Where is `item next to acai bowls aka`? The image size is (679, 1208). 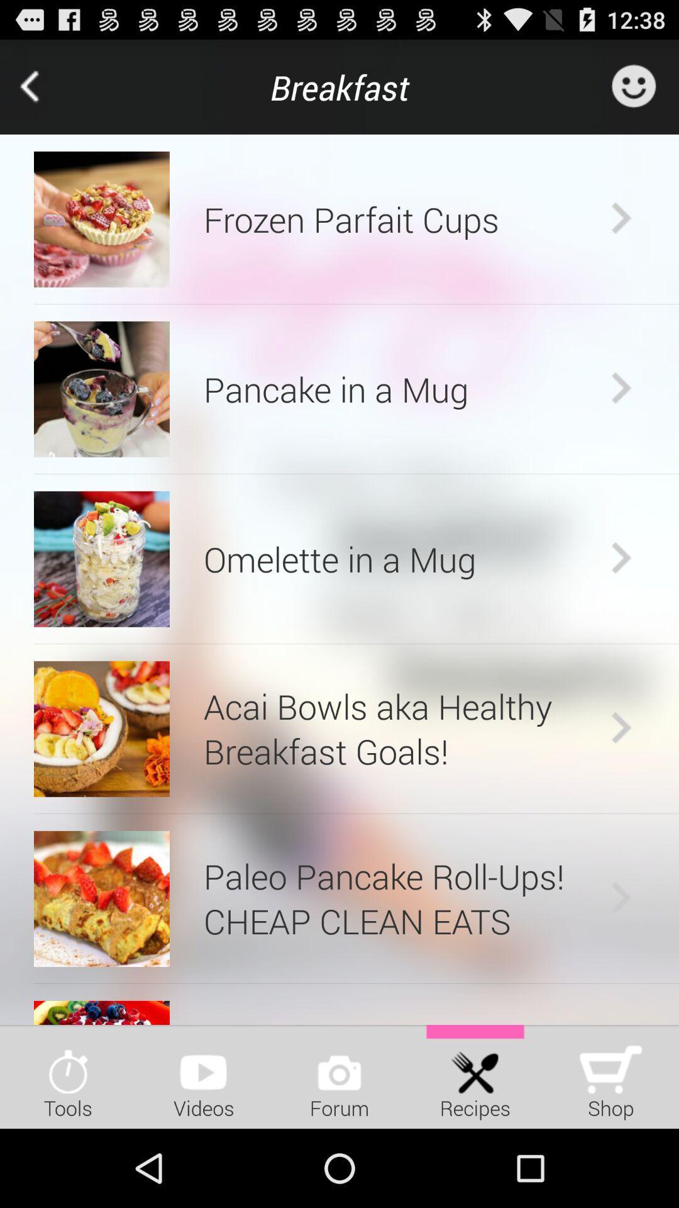
item next to acai bowls aka is located at coordinates (101, 729).